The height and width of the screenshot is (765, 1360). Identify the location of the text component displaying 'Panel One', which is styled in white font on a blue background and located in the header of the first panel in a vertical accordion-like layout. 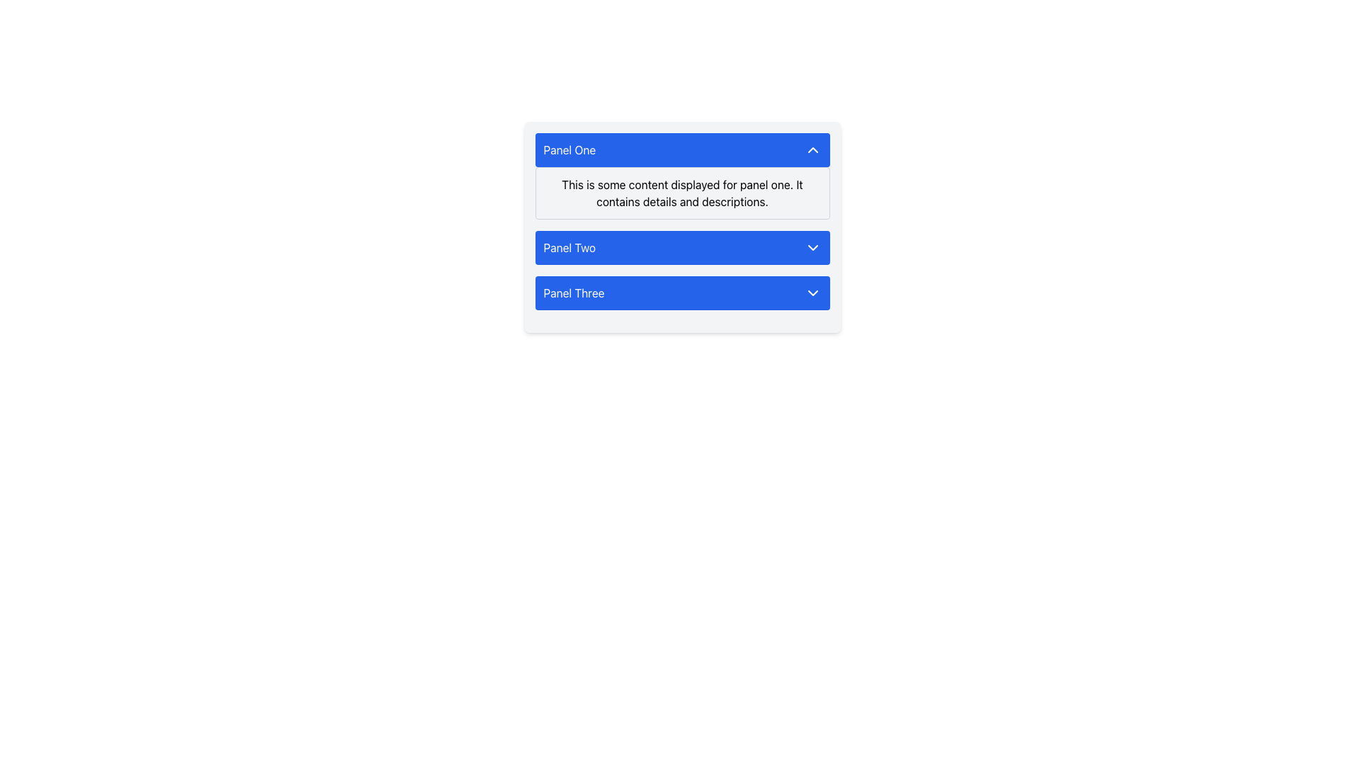
(569, 150).